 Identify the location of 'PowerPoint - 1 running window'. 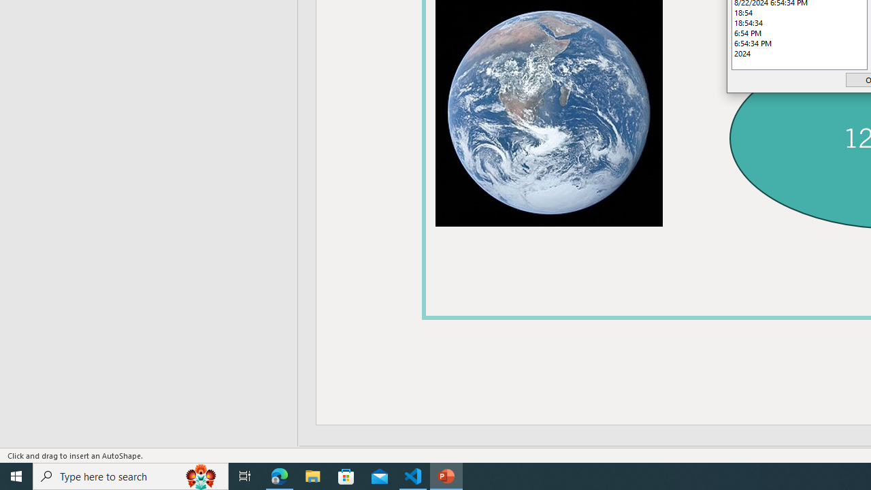
(446, 475).